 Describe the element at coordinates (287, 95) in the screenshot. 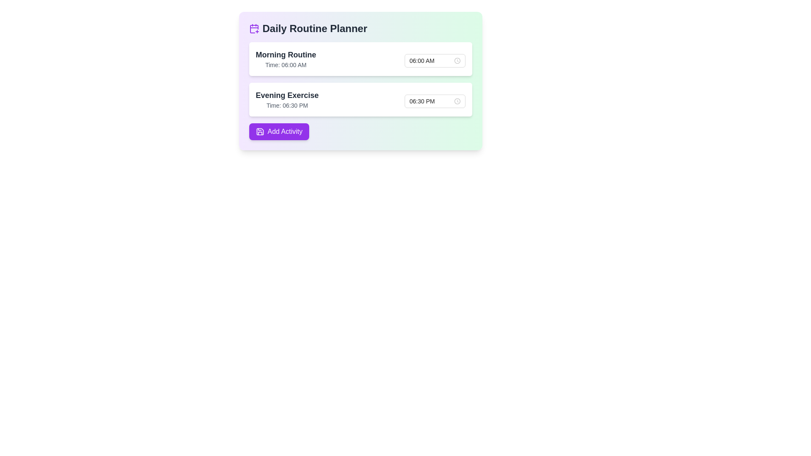

I see `the static text label that reads 'Evening Exercise', which is styled in bold, larger than standard size, and appears in black or dark gray against a white background` at that location.